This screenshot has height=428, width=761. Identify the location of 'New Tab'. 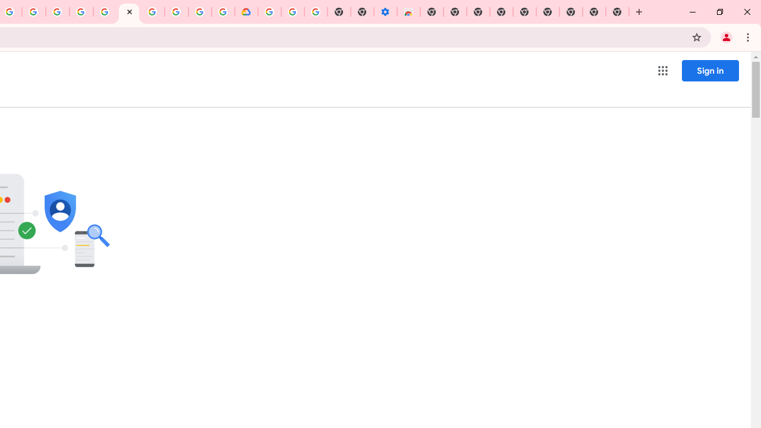
(617, 12).